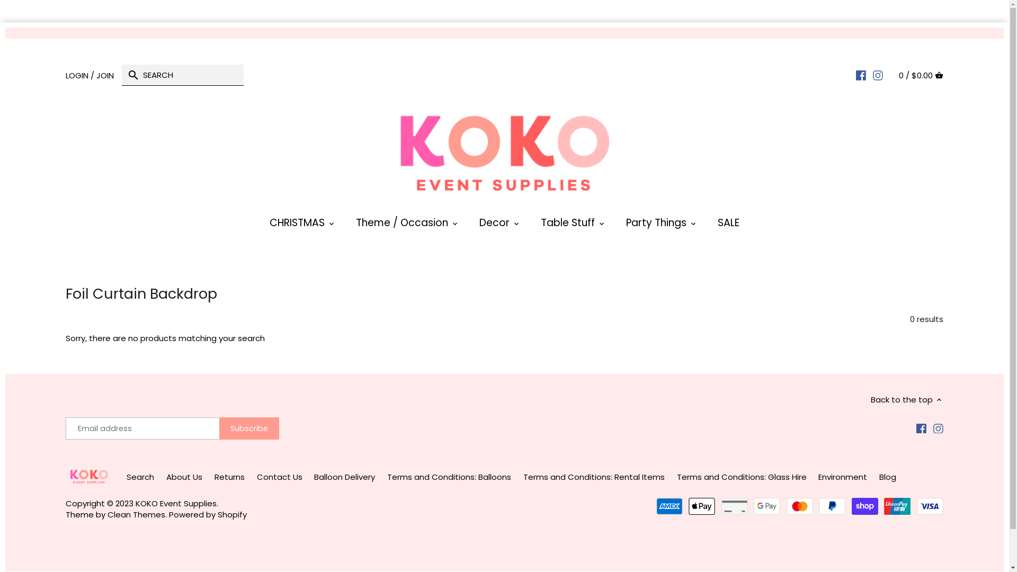 The image size is (1017, 572). Describe the element at coordinates (615, 225) in the screenshot. I see `'Party Things'` at that location.